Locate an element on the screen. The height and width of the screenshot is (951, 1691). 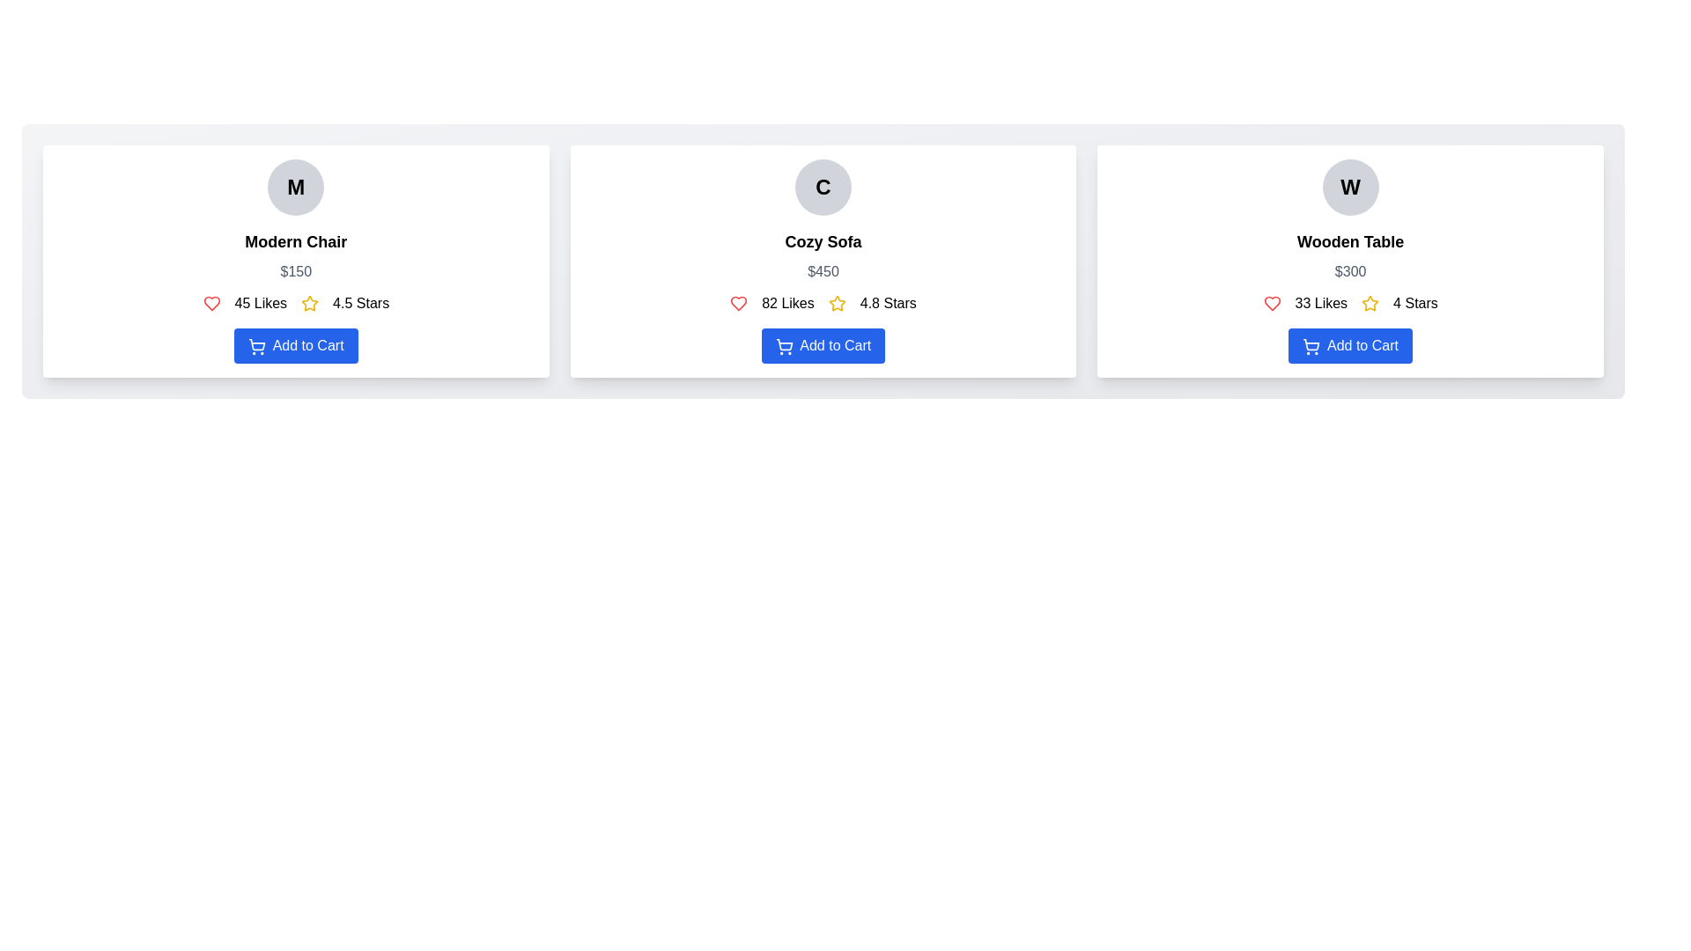
the static text label displaying the price '$150' for the 'Modern Chair' item, which is styled in gray and located within the card layout is located at coordinates (296, 271).